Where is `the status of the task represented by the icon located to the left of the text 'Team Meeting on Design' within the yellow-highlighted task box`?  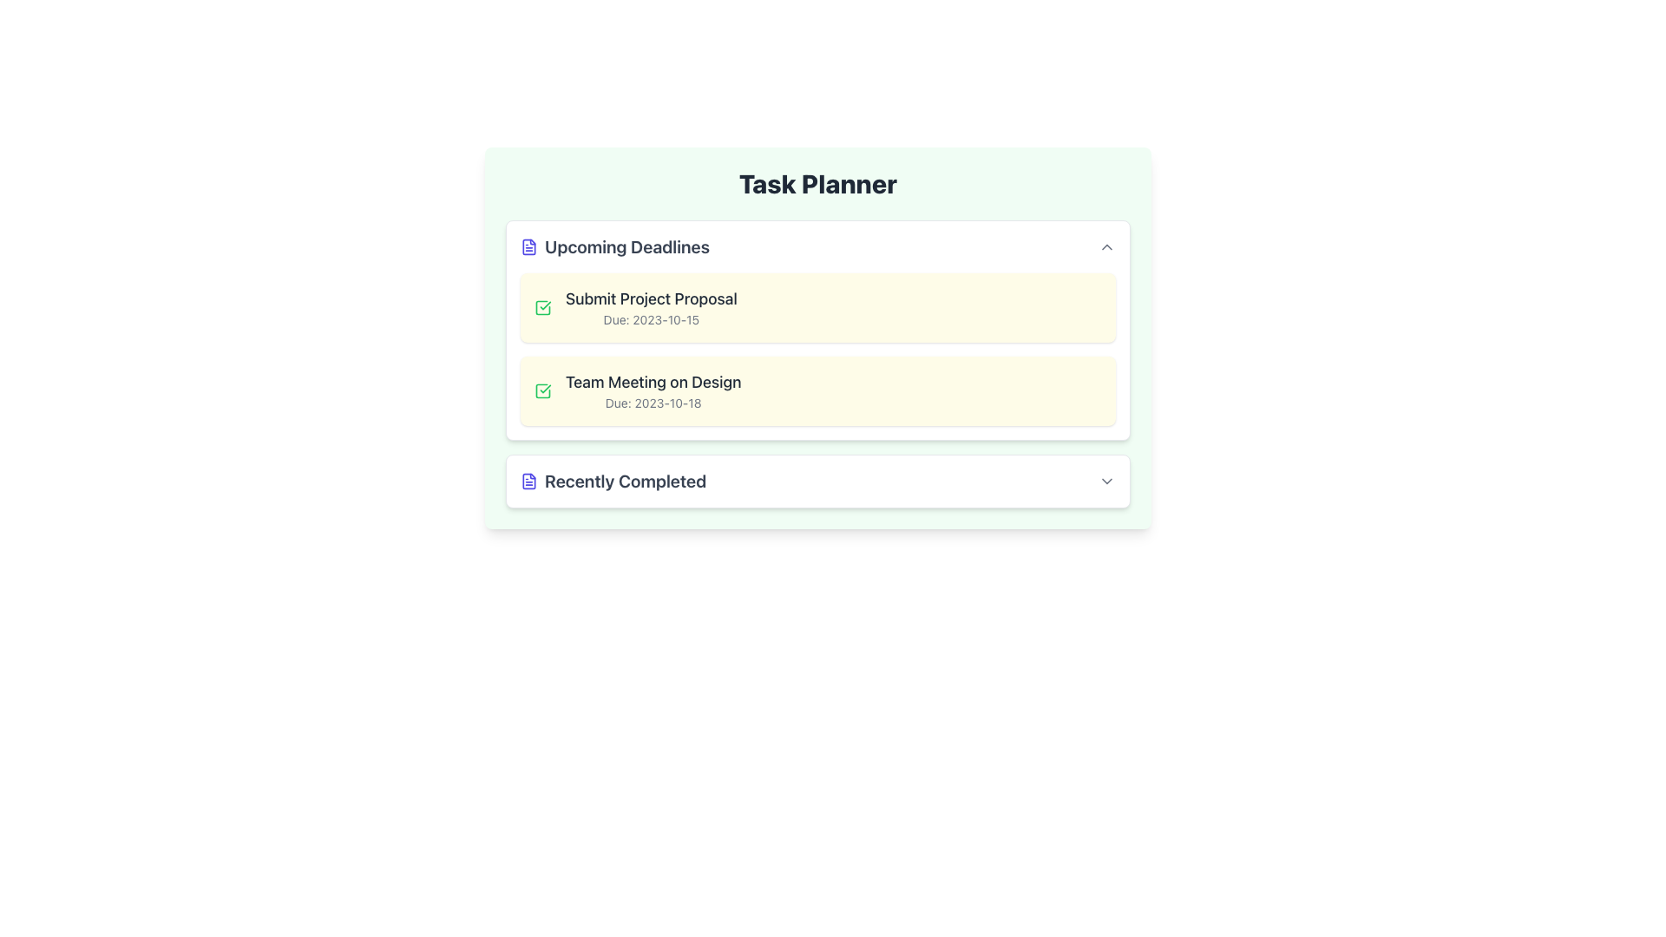
the status of the task represented by the icon located to the left of the text 'Team Meeting on Design' within the yellow-highlighted task box is located at coordinates (541, 391).